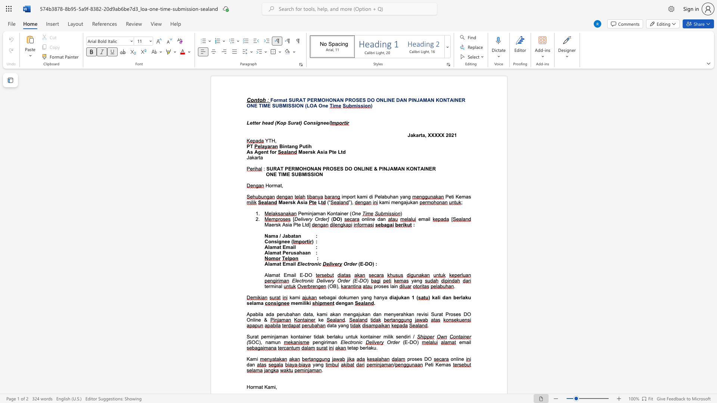  Describe the element at coordinates (353, 297) in the screenshot. I see `the subset text "en yan" within the text "sebagai dokumen yang hanya"` at that location.